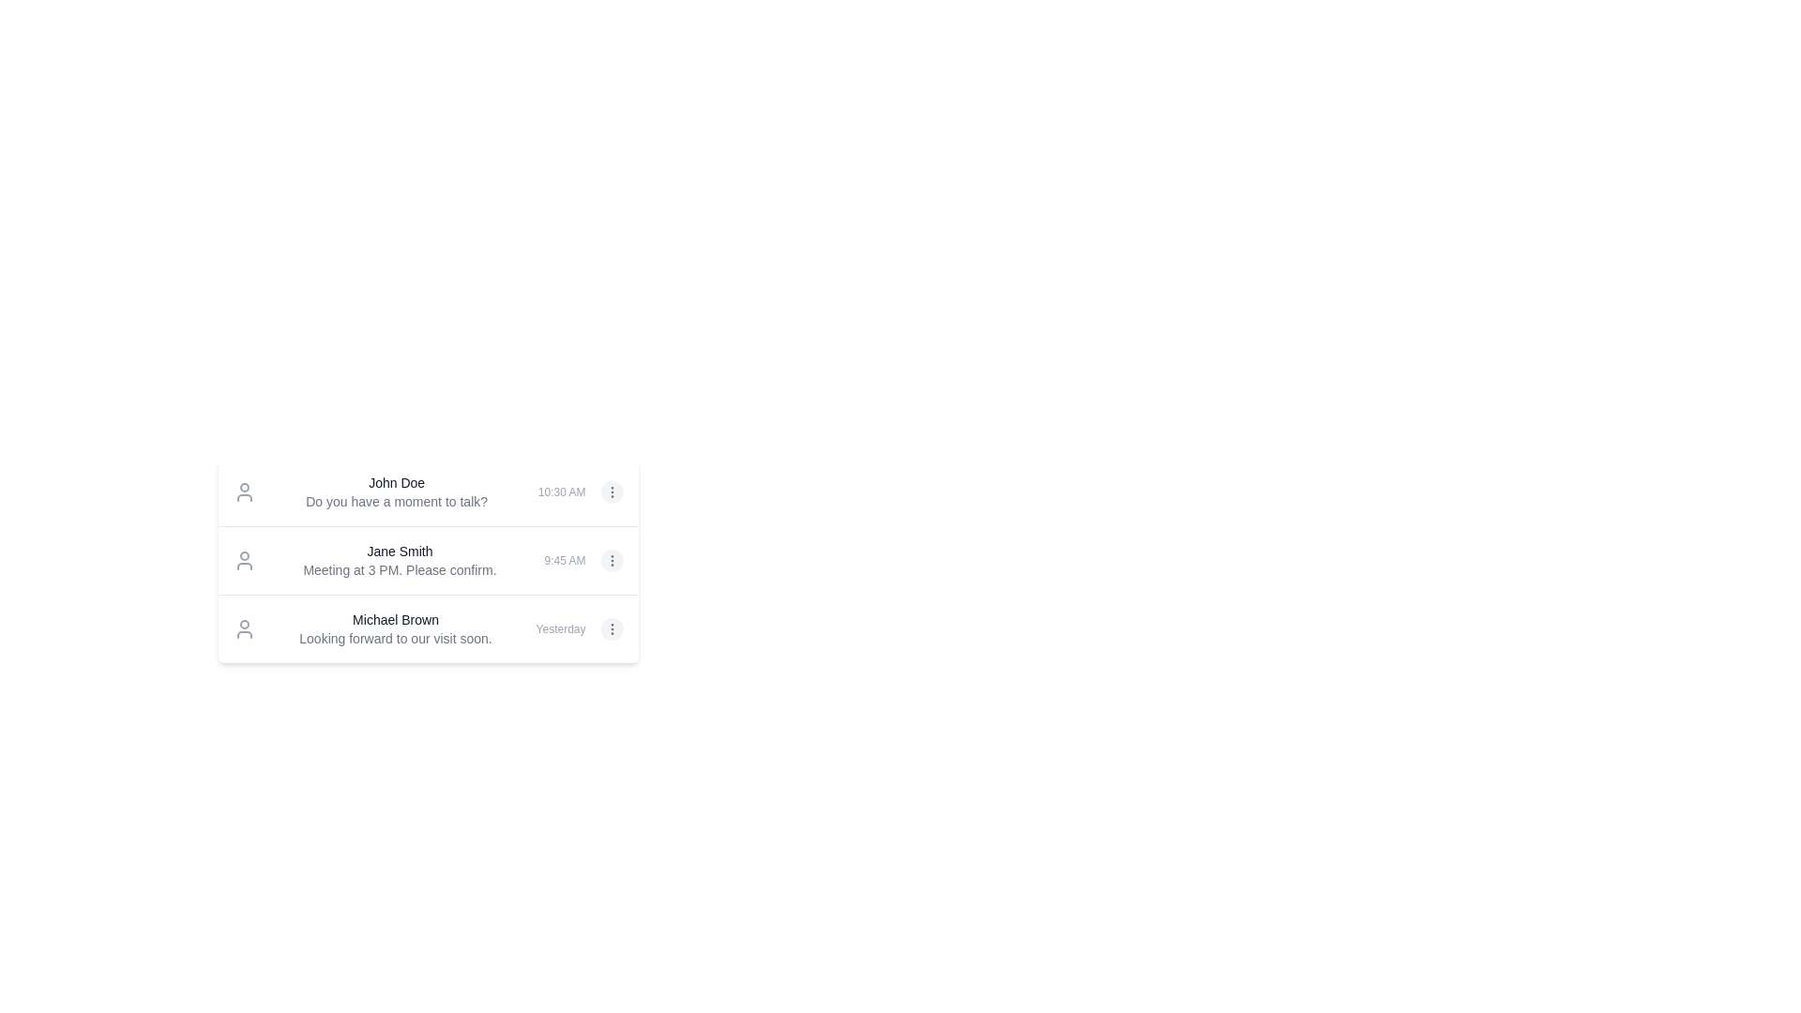 The image size is (1801, 1013). What do you see at coordinates (427, 559) in the screenshot?
I see `the second list item containing the profile icon and the text 'Jane Smith'` at bounding box center [427, 559].